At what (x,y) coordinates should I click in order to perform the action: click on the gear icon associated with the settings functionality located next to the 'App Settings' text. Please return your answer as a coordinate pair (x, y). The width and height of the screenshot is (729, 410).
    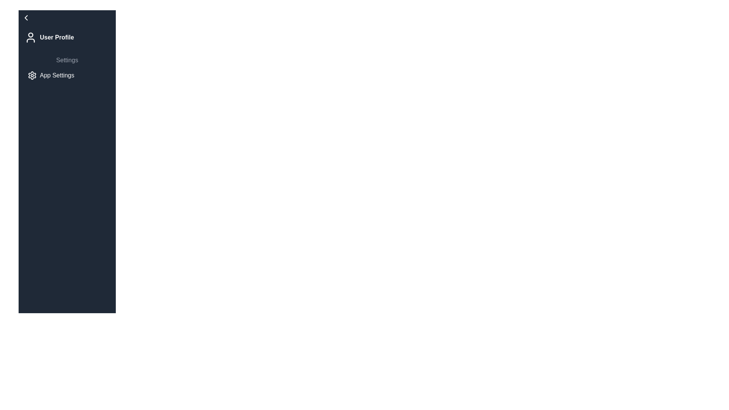
    Looking at the image, I should click on (32, 76).